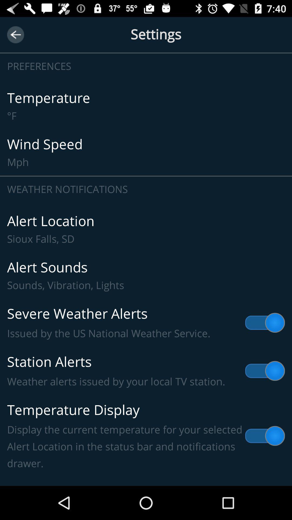 This screenshot has width=292, height=520. What do you see at coordinates (146, 436) in the screenshot?
I see `the temperature display display item` at bounding box center [146, 436].